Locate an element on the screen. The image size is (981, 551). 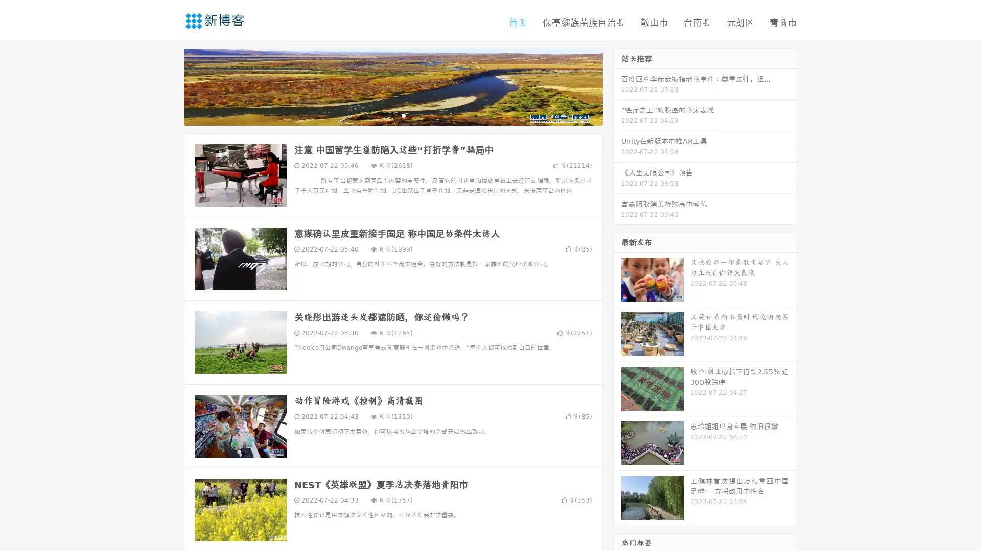
Go to slide 3 is located at coordinates (403, 115).